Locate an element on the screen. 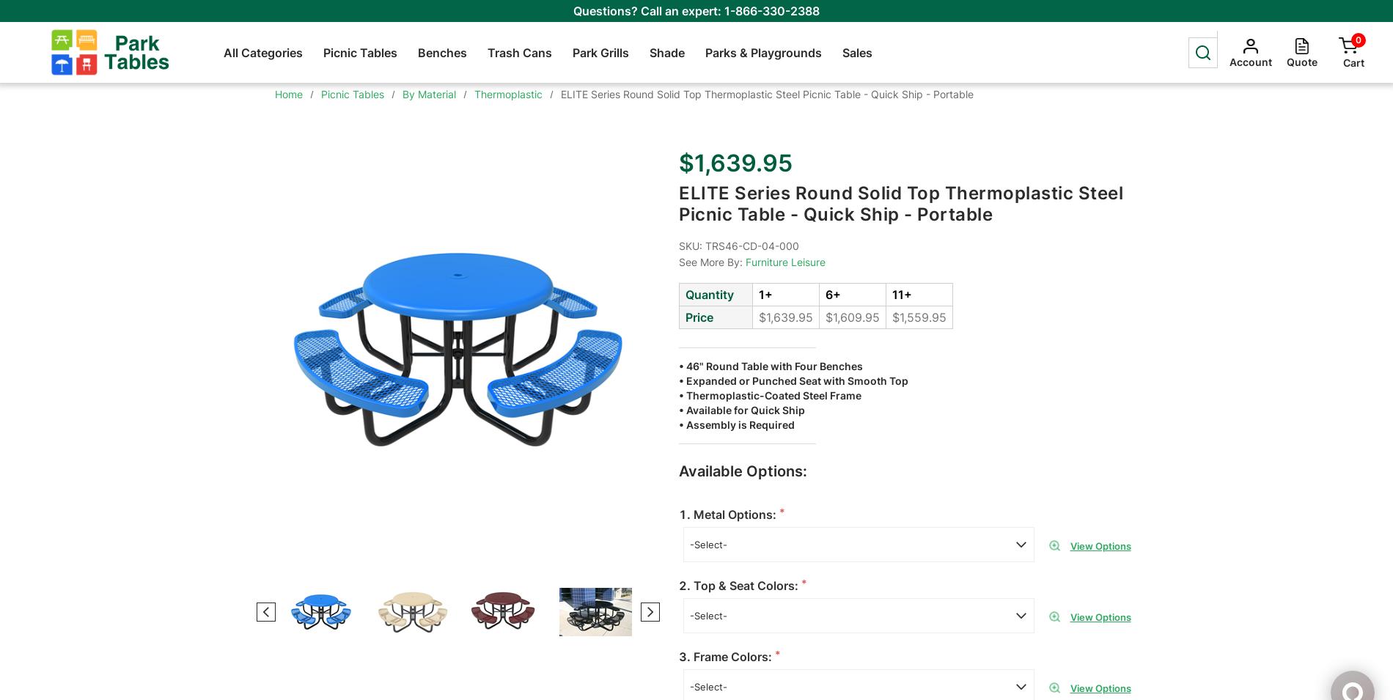  '11+' is located at coordinates (901, 293).